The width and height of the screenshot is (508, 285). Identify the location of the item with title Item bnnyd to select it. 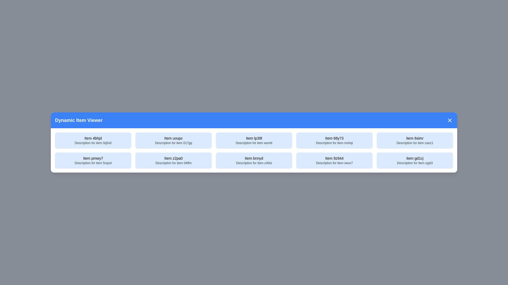
(254, 160).